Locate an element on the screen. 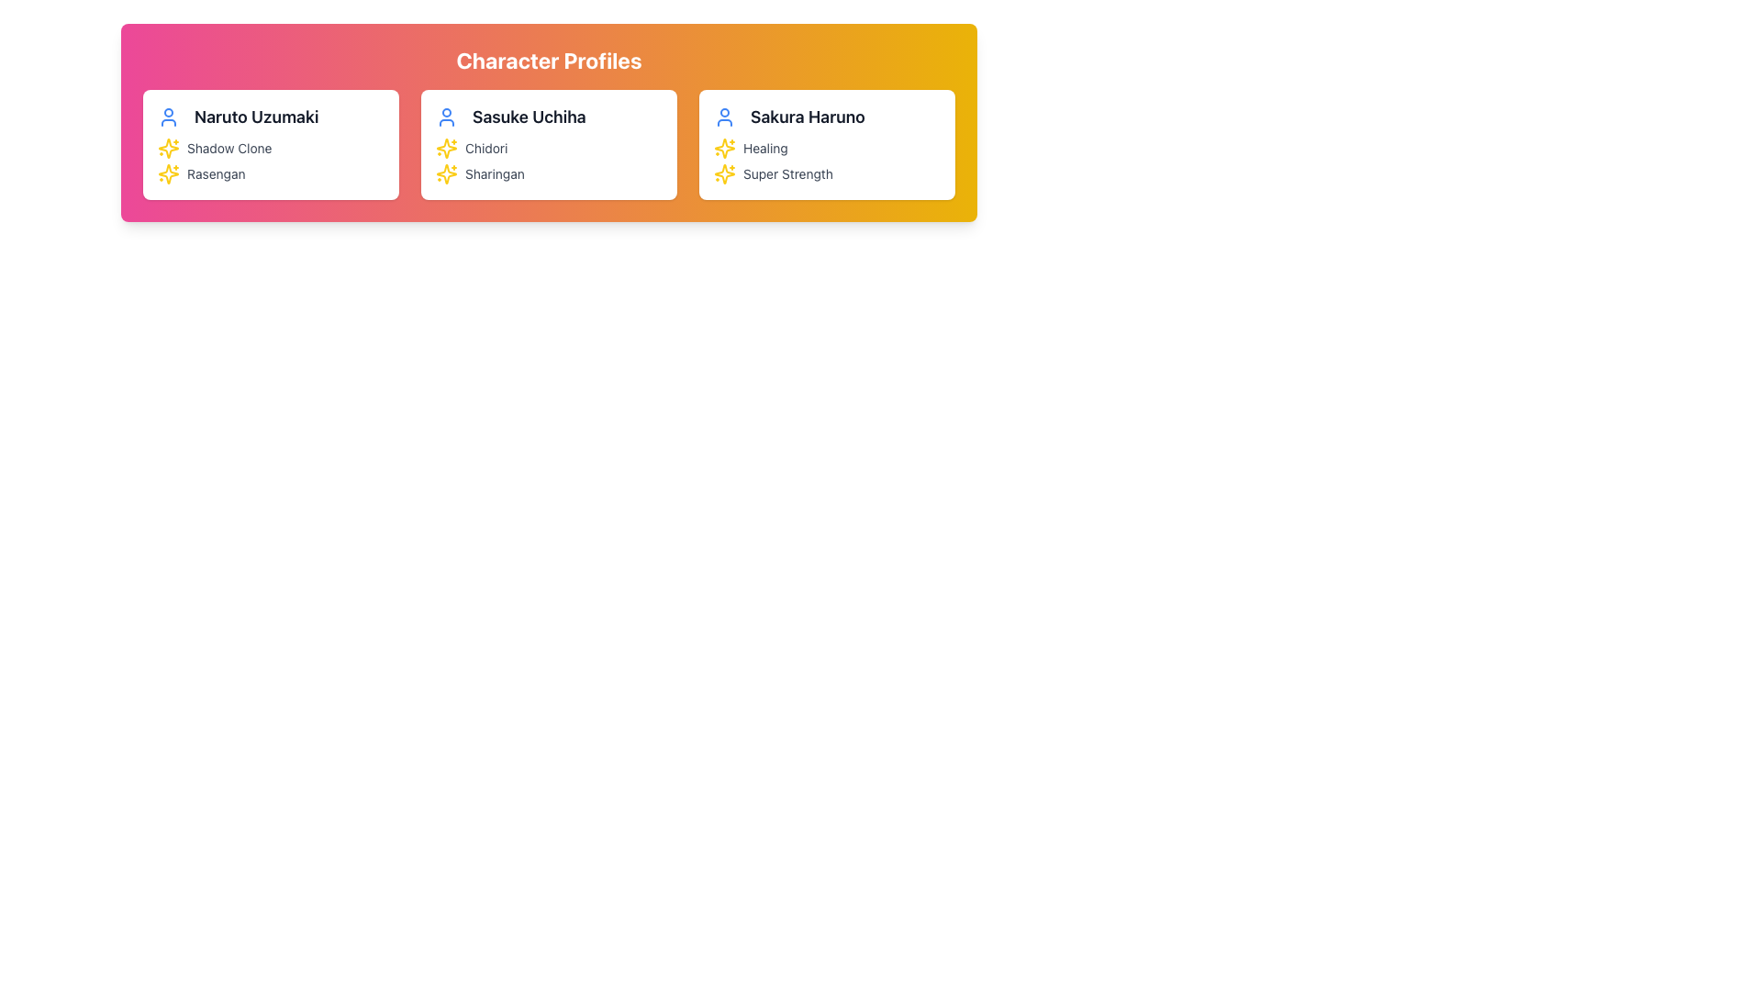 Image resolution: width=1762 pixels, height=991 pixels. the user profile icon located to the left of the text 'Naruto Uzumaki' within its section, as it serves as an identifier for the profile is located at coordinates (168, 117).